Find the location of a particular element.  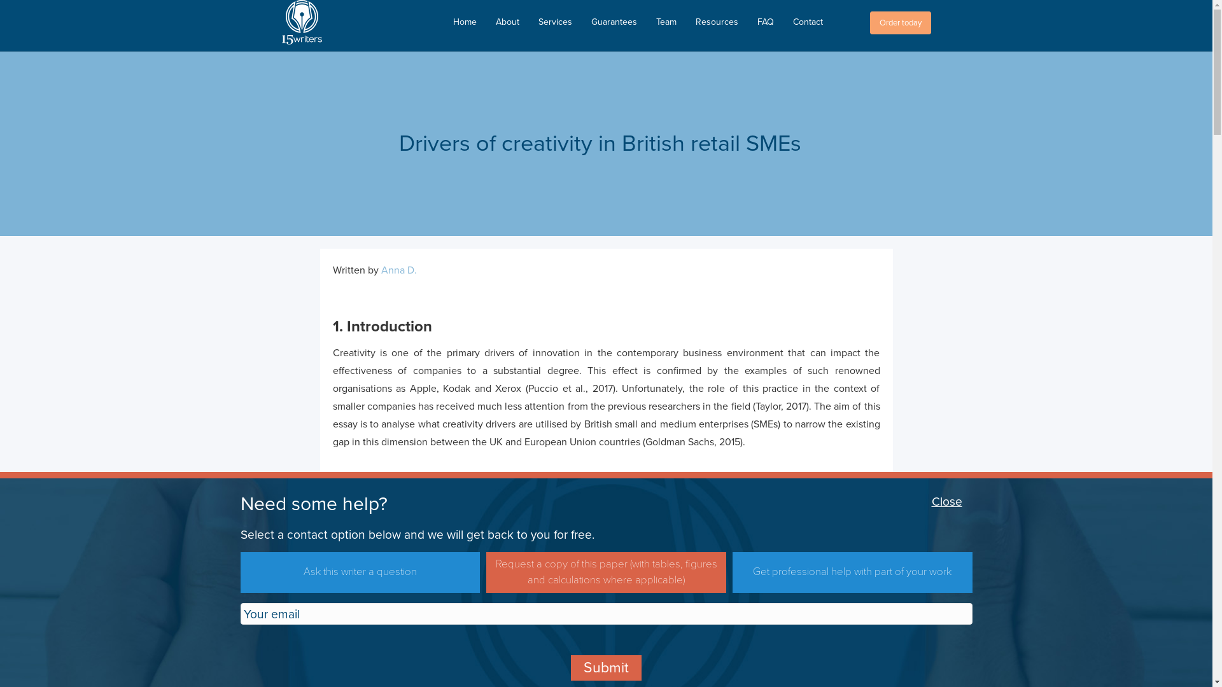

'Submit' is located at coordinates (570, 667).